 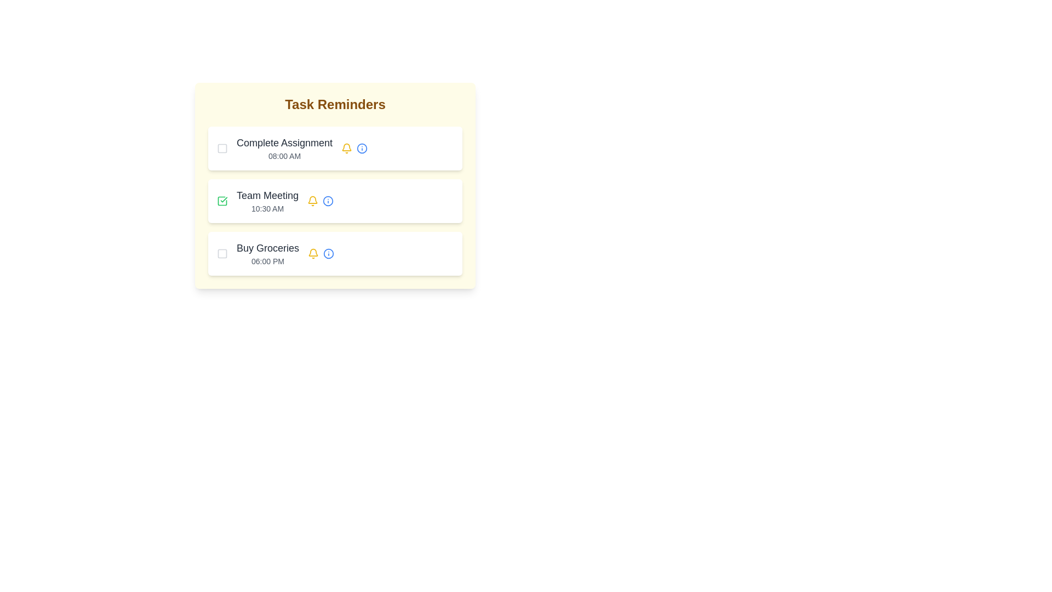 I want to click on the 'Complete Assignment' text label, which is bold and dark gray, located in the top task card of the task reminder interface, so click(x=284, y=143).